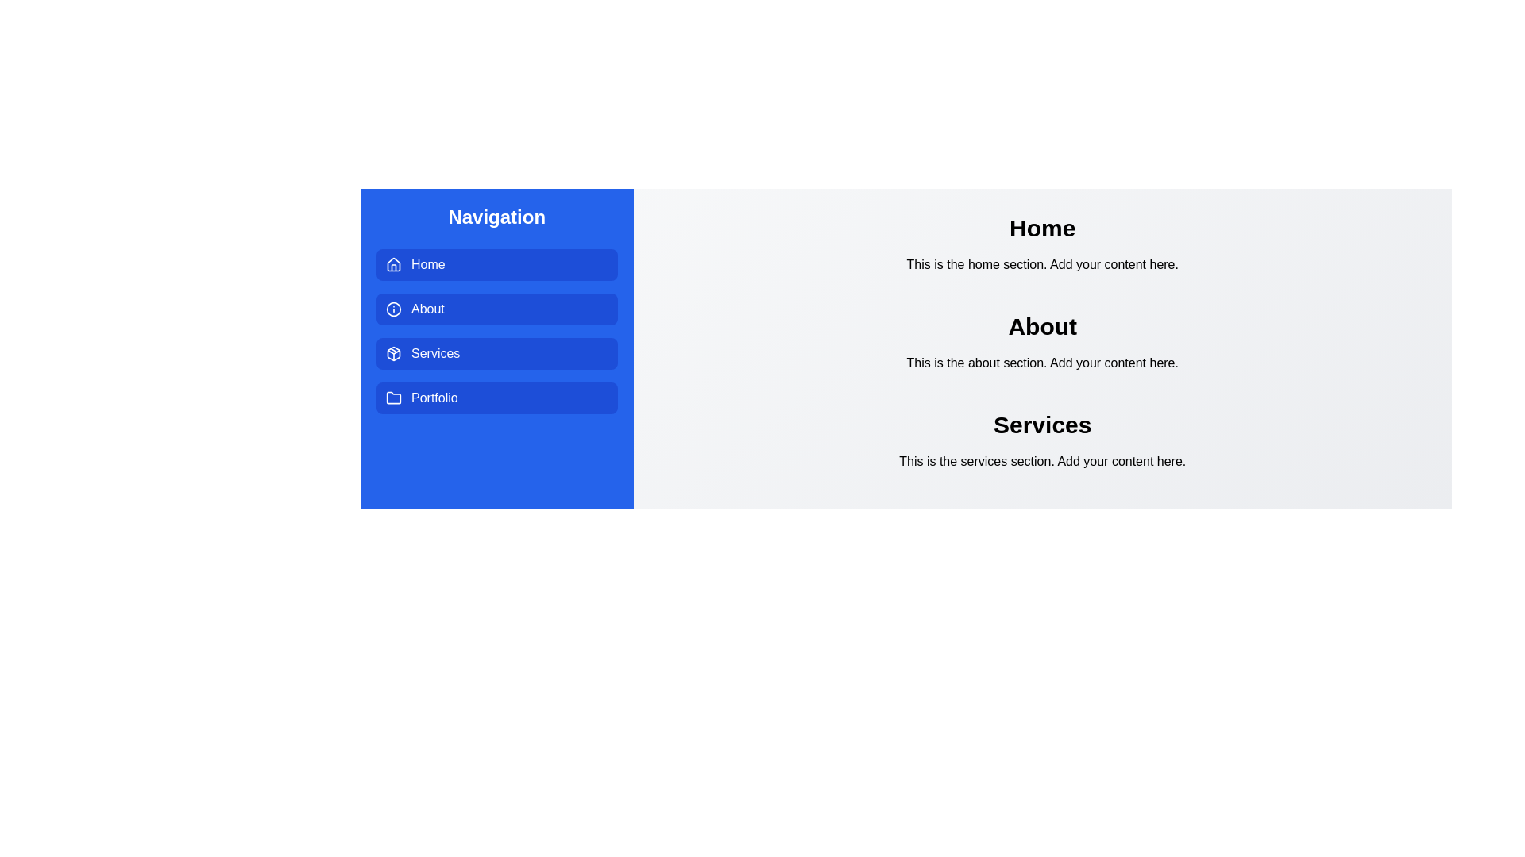 This screenshot has height=857, width=1525. What do you see at coordinates (435, 353) in the screenshot?
I see `the 'Services' text label within the navigation button located in the vertical navigation menu, which is the third item in the list` at bounding box center [435, 353].